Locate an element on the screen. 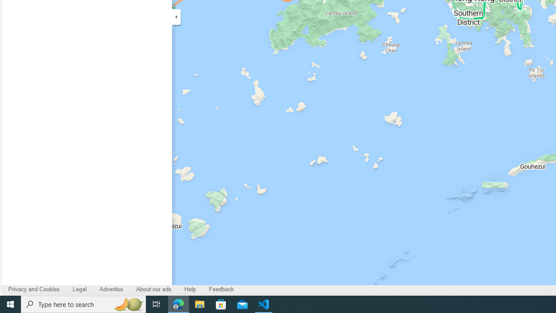 The image size is (556, 313). 'Advertise' is located at coordinates (111, 289).